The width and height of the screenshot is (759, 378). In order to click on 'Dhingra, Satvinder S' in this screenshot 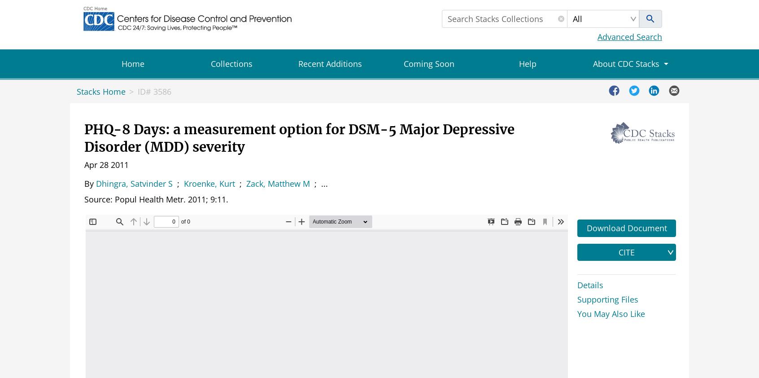, I will do `click(96, 183)`.